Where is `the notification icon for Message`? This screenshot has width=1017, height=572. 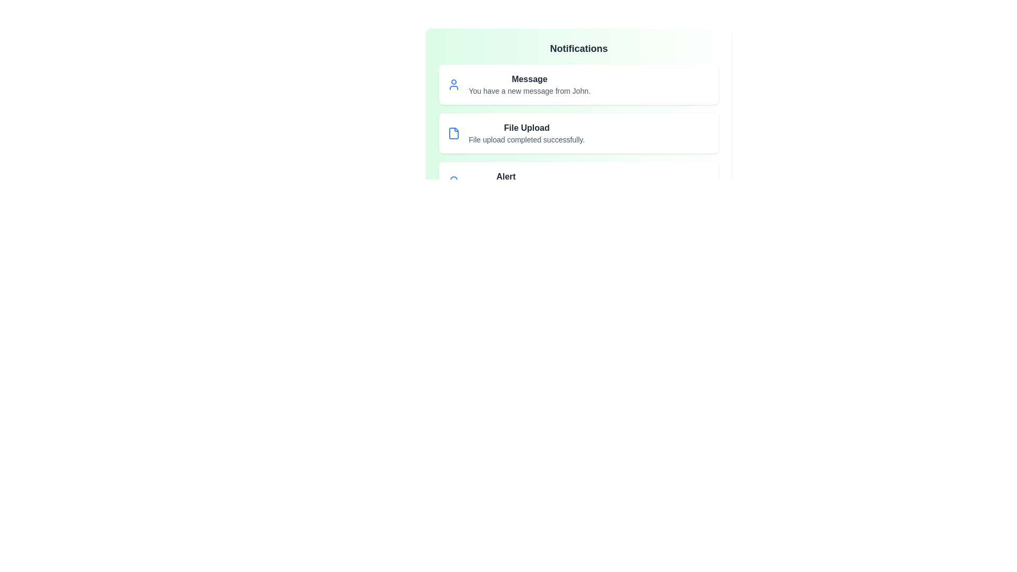 the notification icon for Message is located at coordinates (454, 84).